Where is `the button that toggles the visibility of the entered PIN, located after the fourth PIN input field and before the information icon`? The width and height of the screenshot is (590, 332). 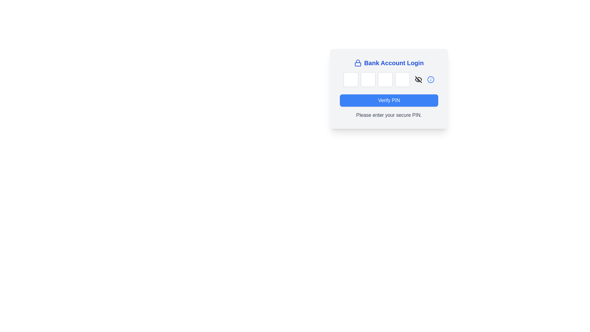
the button that toggles the visibility of the entered PIN, located after the fourth PIN input field and before the information icon is located at coordinates (418, 79).